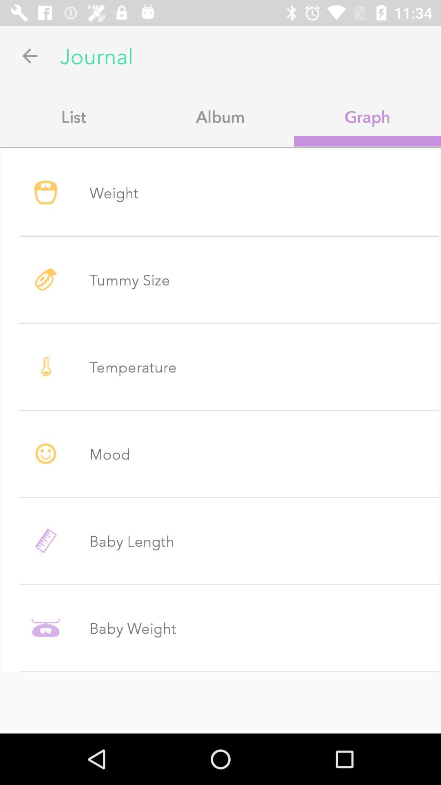 The image size is (441, 785). I want to click on album icon, so click(220, 116).